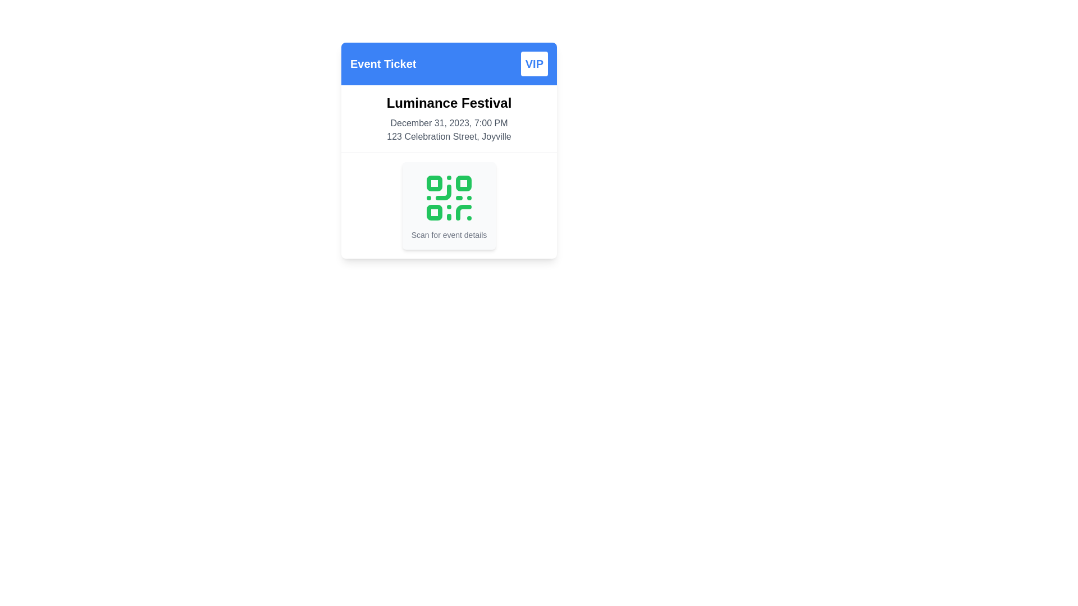 The image size is (1078, 606). What do you see at coordinates (383, 64) in the screenshot?
I see `text label that serves as a title or header within the blue header bar, located to the left of the 'VIP' label` at bounding box center [383, 64].